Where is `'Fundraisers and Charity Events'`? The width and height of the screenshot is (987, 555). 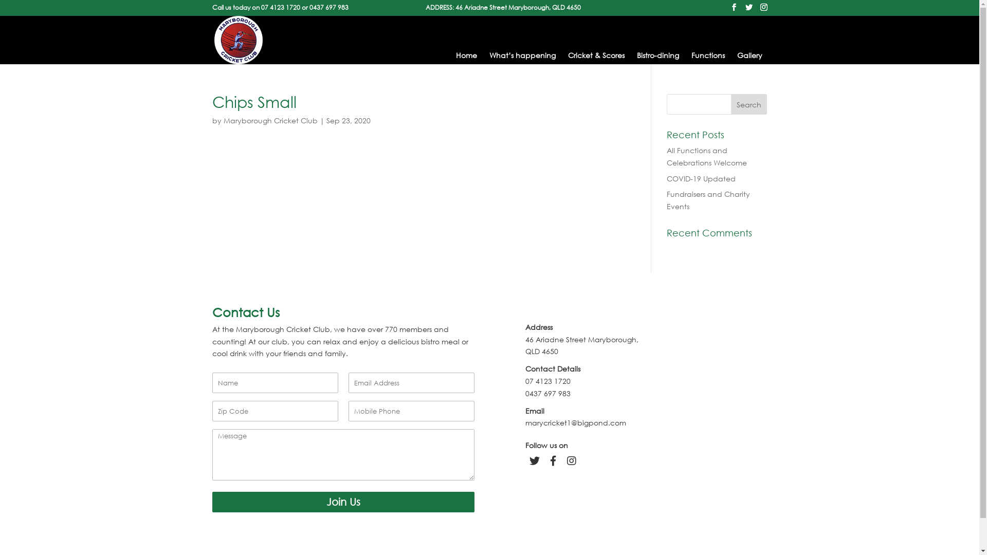 'Fundraisers and Charity Events' is located at coordinates (707, 200).